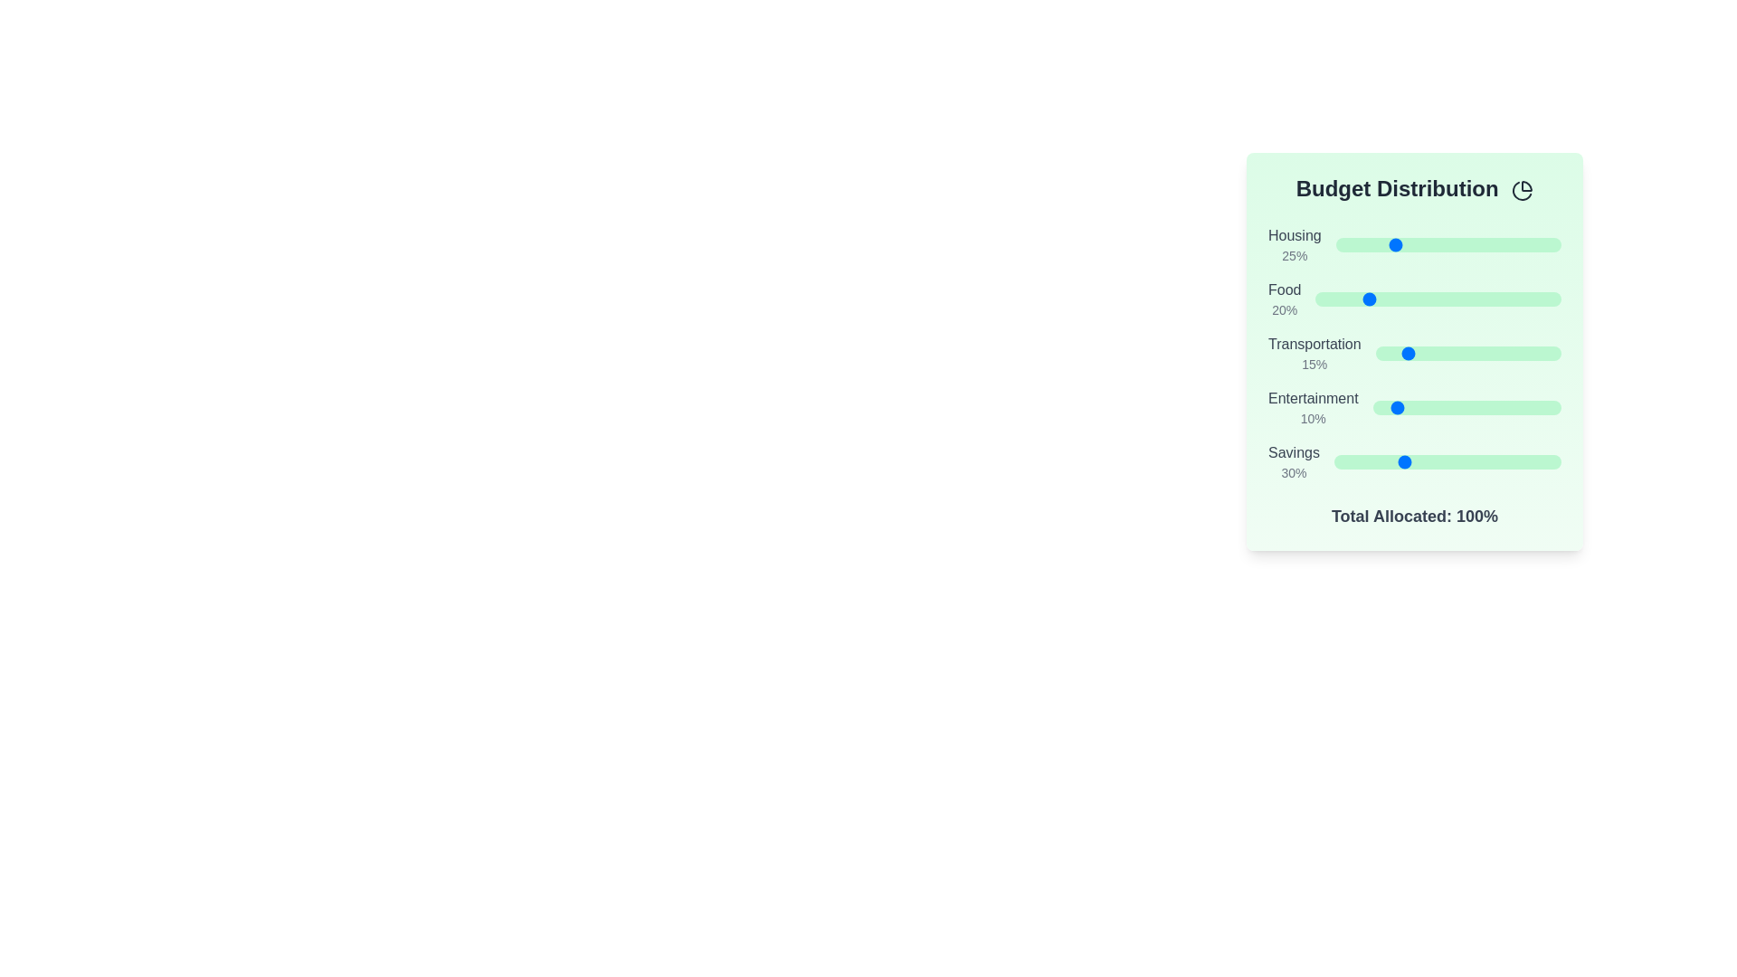 The height and width of the screenshot is (977, 1737). What do you see at coordinates (1362, 460) in the screenshot?
I see `the 'Savings' slider to set its value to 12%` at bounding box center [1362, 460].